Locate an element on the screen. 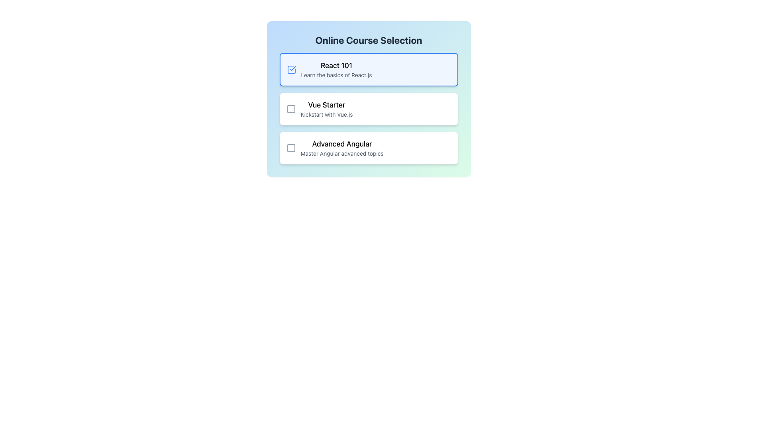 The image size is (765, 430). the third selectable list item labeled 'Advanced Angular' which features a bold title and a description, positioned between 'Vue Starter' and the next item in the list is located at coordinates (342, 148).